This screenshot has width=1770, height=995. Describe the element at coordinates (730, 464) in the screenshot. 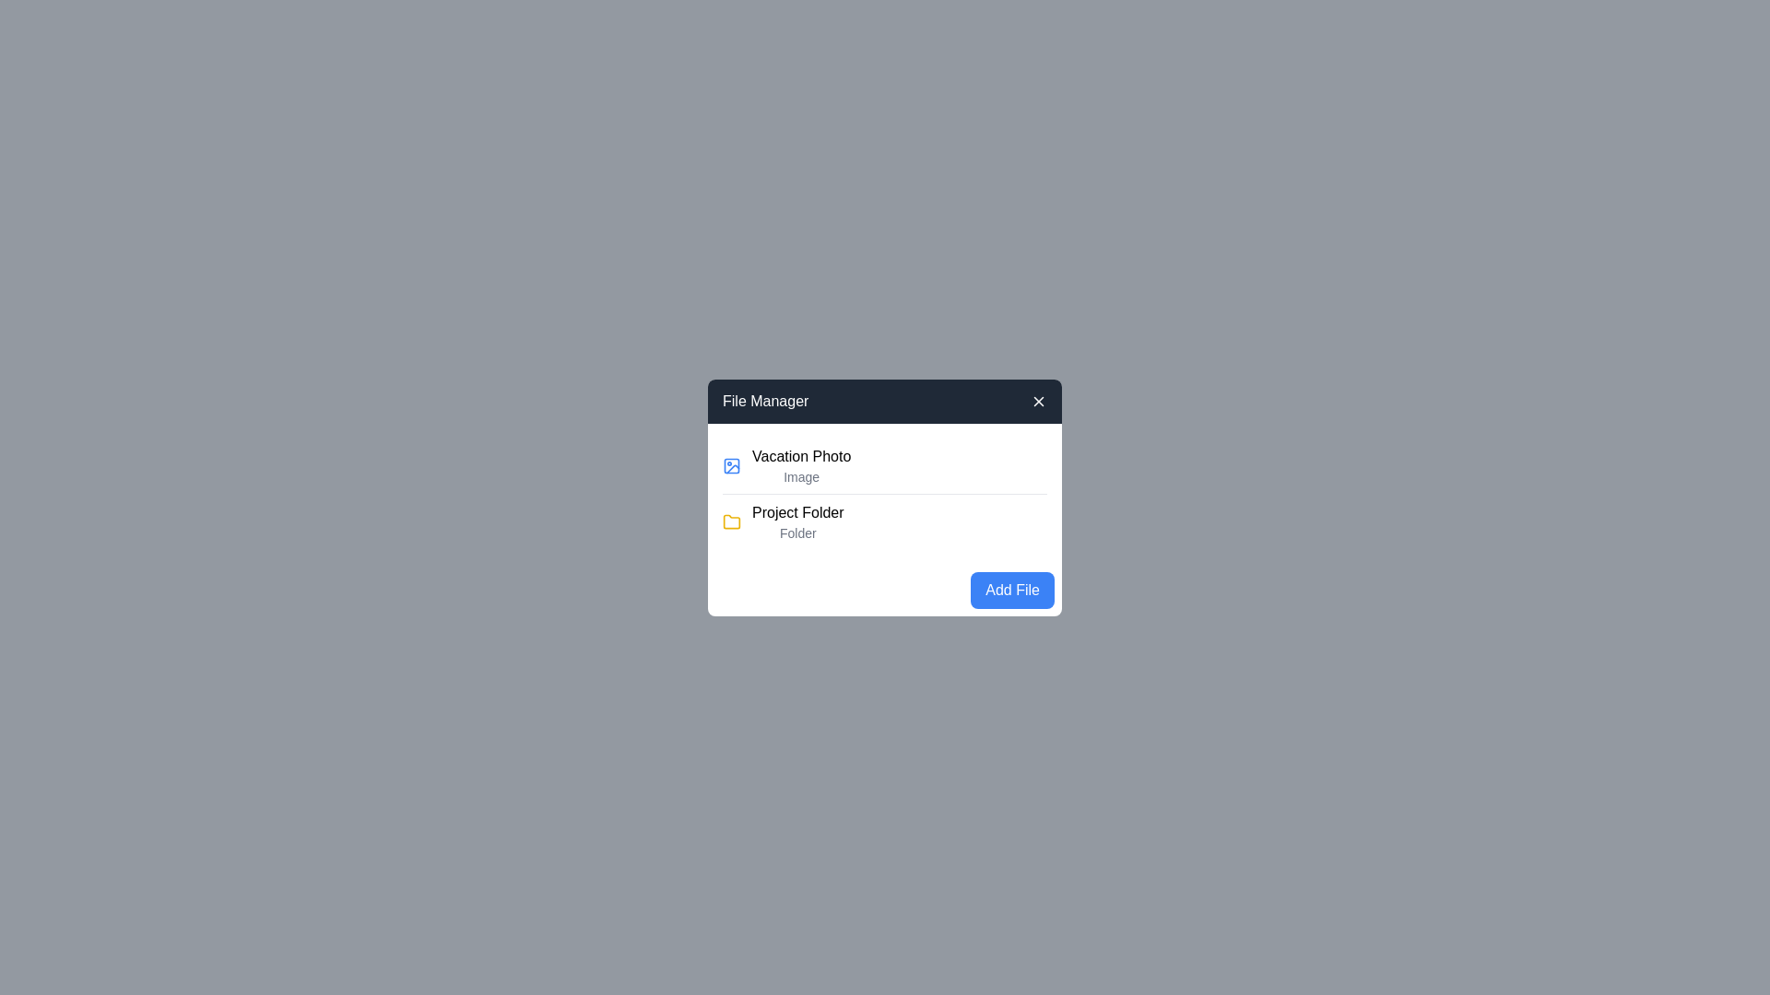

I see `the icon associated with Vacation Photo to interact with it` at that location.